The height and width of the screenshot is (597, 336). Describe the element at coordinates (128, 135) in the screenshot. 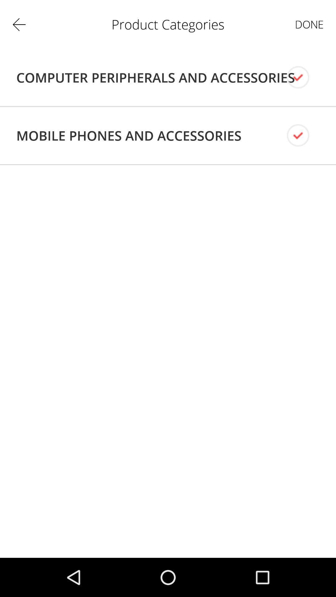

I see `mobile phones and` at that location.